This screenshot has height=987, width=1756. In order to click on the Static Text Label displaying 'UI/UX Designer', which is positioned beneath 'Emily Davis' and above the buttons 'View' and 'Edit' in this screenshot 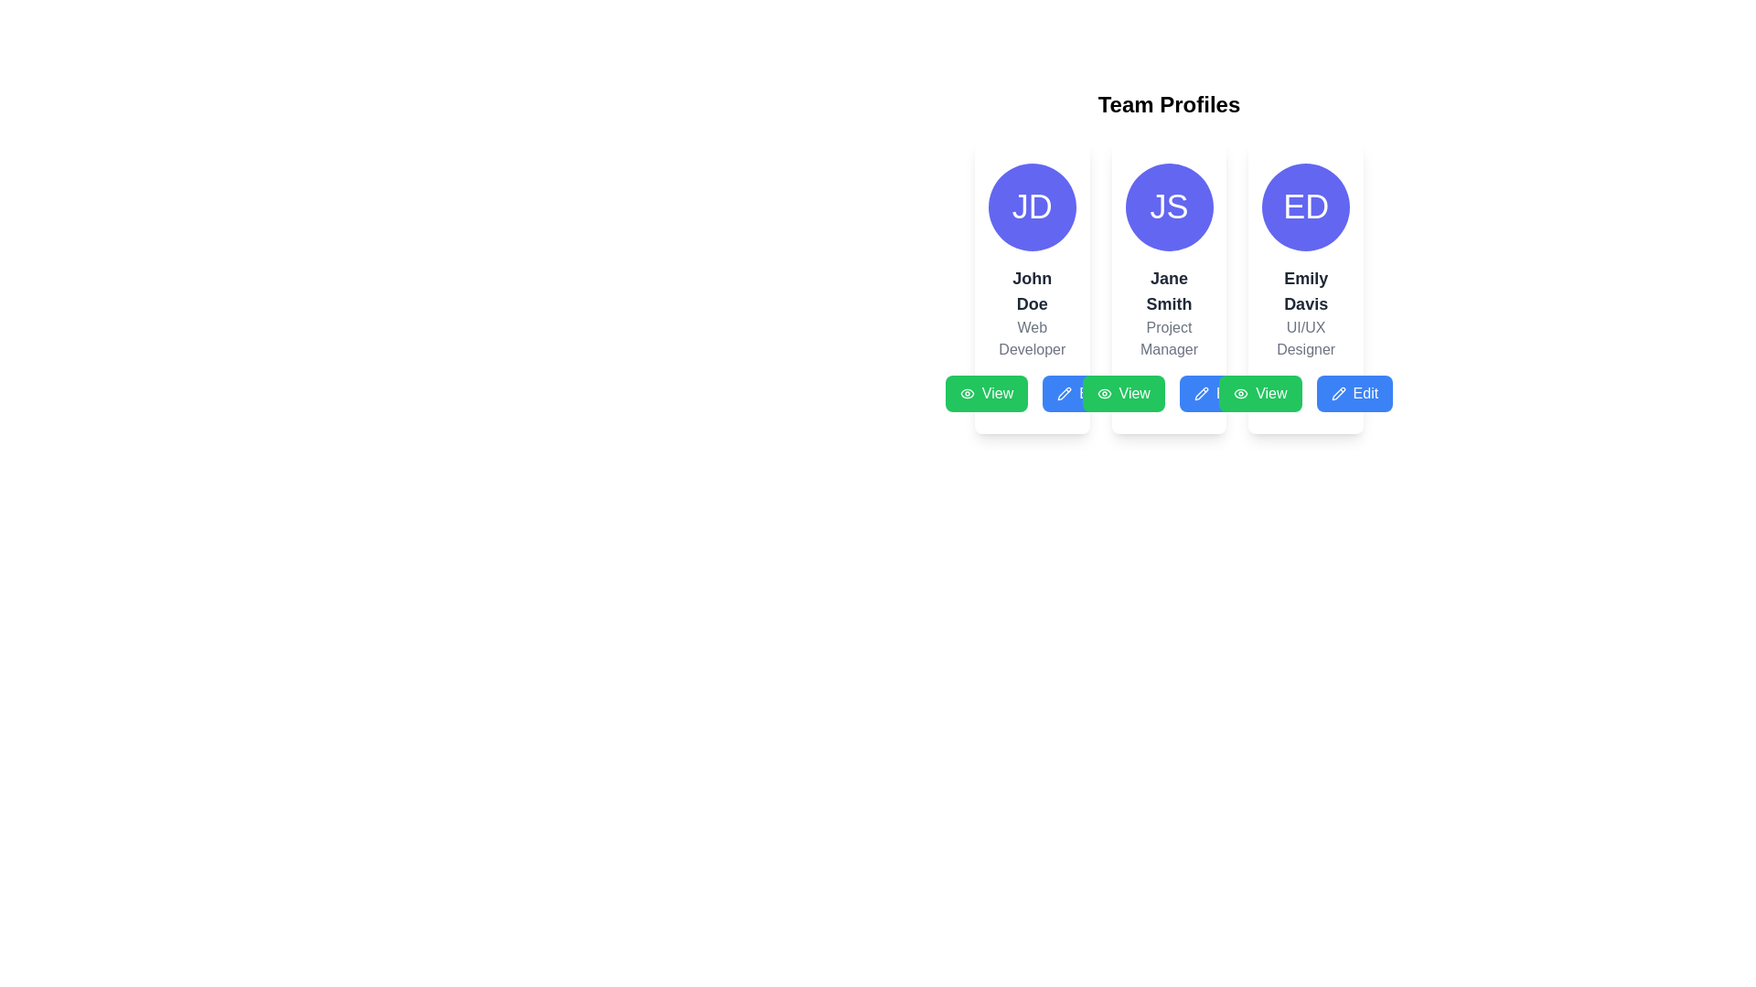, I will do `click(1305, 338)`.